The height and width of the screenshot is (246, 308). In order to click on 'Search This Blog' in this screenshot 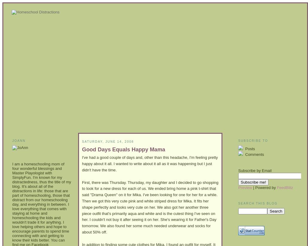, I will do `click(238, 203)`.